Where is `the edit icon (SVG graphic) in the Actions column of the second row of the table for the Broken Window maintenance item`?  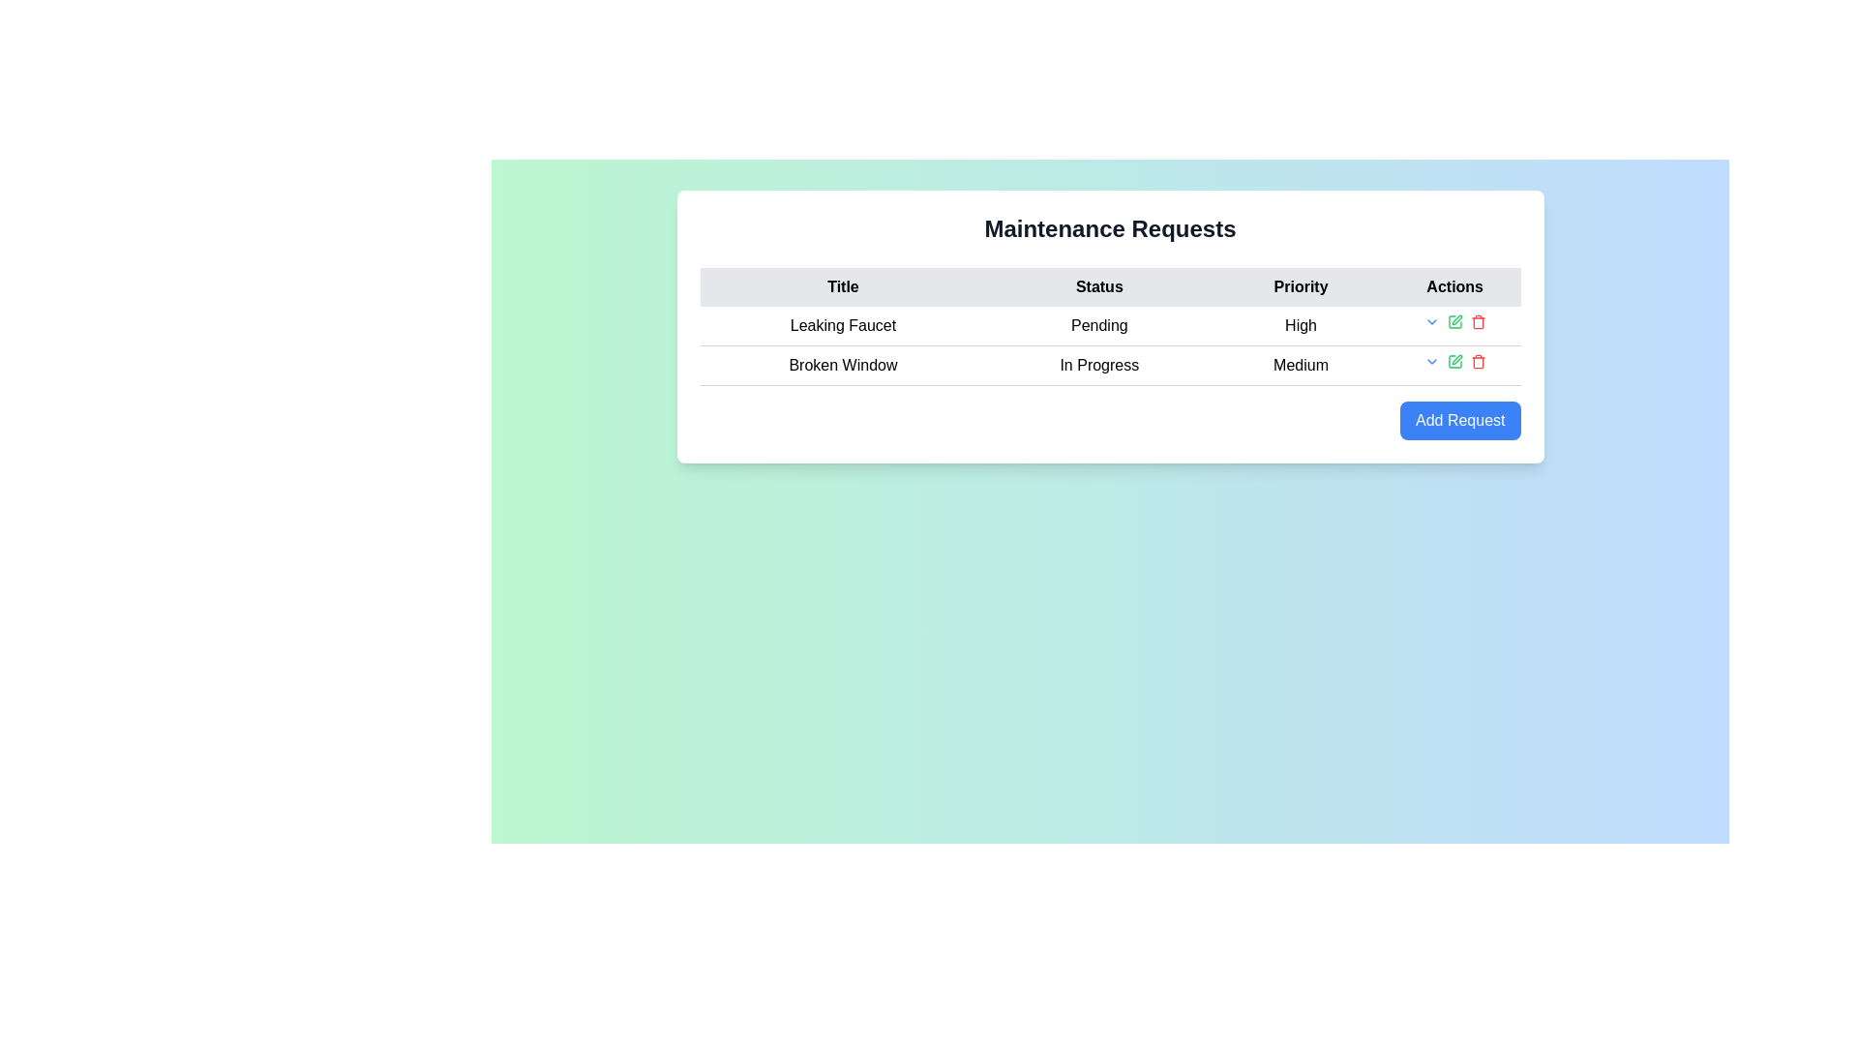
the edit icon (SVG graphic) in the Actions column of the second row of the table for the Broken Window maintenance item is located at coordinates (1454, 362).